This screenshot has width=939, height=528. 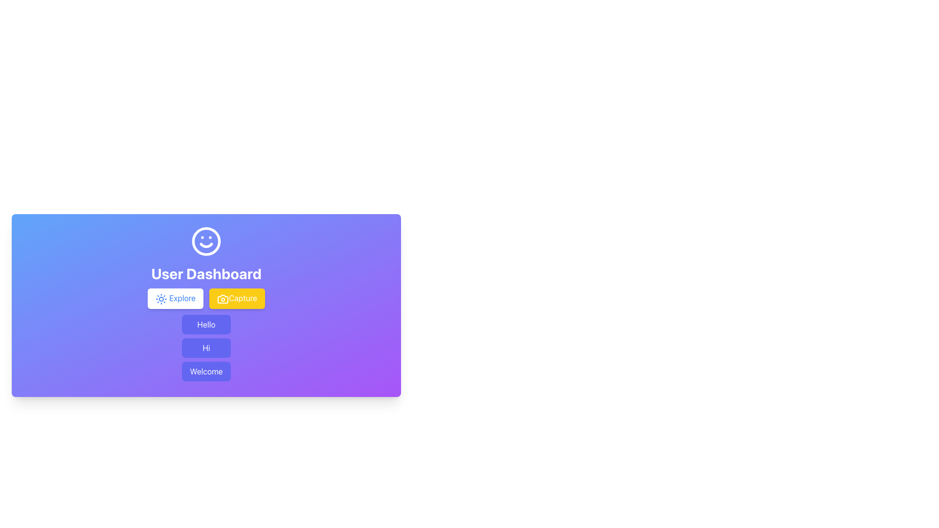 What do you see at coordinates (237, 298) in the screenshot?
I see `the 'Capture' button located beneath the 'User Dashboard' title, which is the second button from the left in a horizontal group of buttons` at bounding box center [237, 298].